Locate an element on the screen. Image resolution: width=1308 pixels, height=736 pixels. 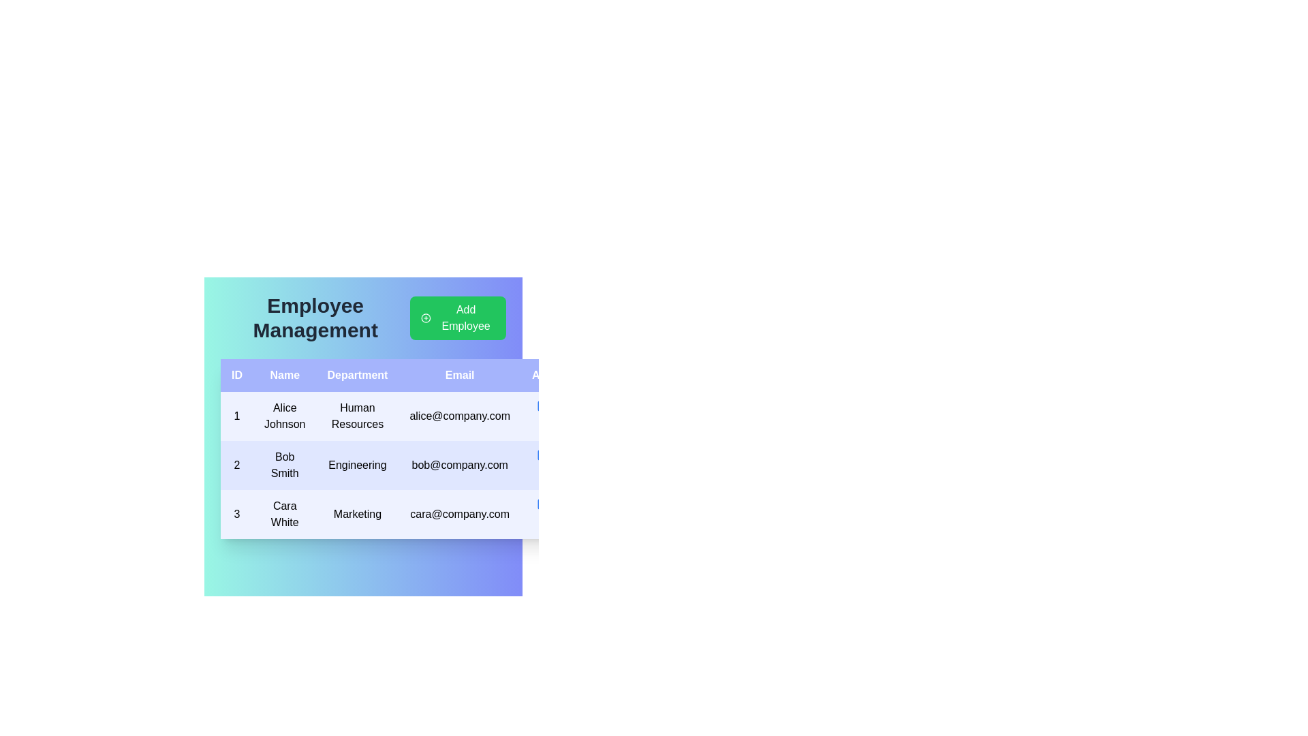
the circular icon with a plus sign located to the left of the 'Add Employee' text within the green button is located at coordinates (425, 318).